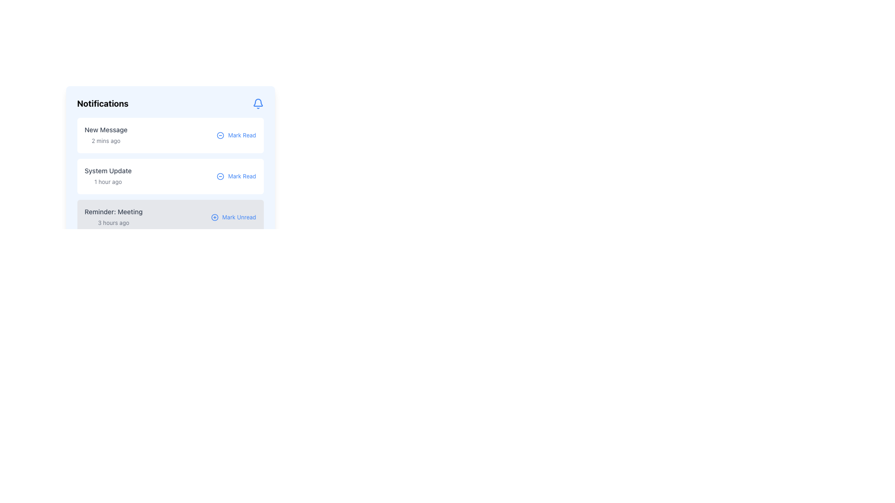  Describe the element at coordinates (106, 141) in the screenshot. I see `the text label displaying the elapsed time since the 'New Message' notification in the 'Notifications' panel, located below the bold 'New Message' text` at that location.